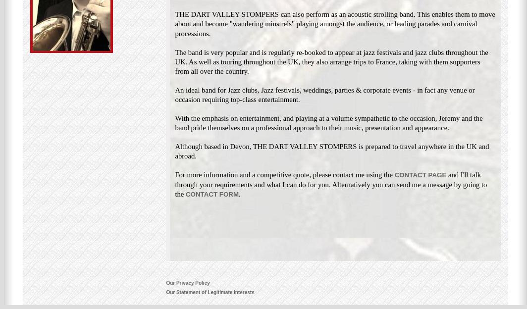 The width and height of the screenshot is (527, 309). Describe the element at coordinates (187, 282) in the screenshot. I see `'Our Privacy Policy'` at that location.